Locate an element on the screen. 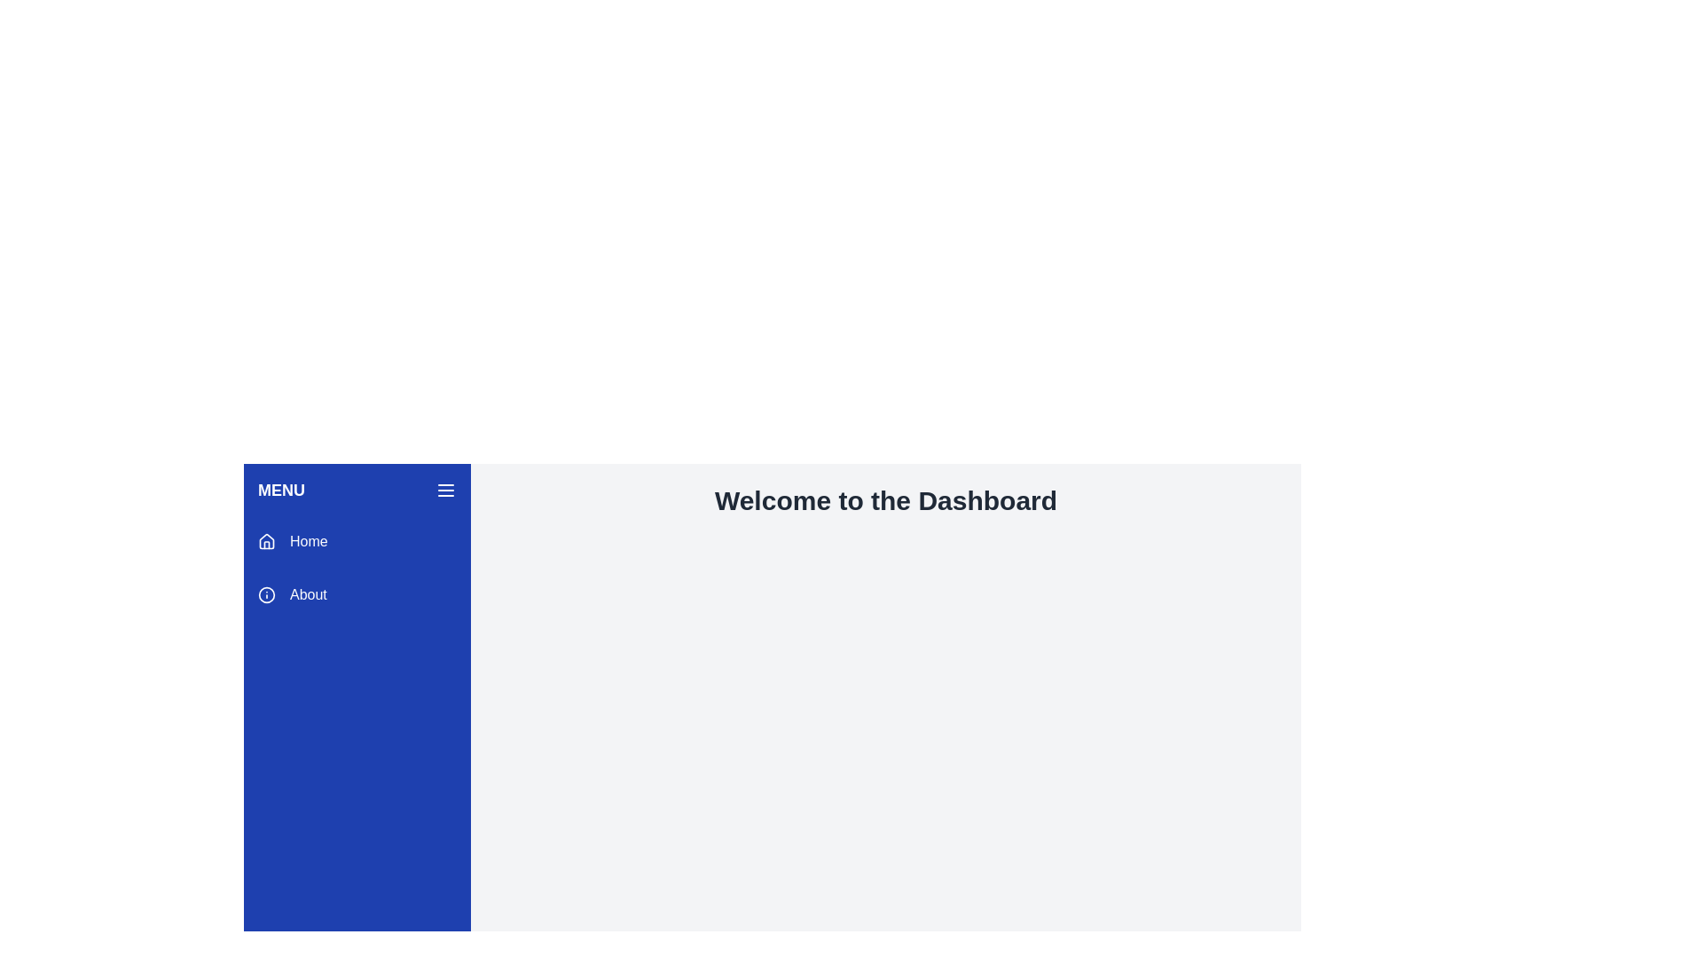  the 'Home' menu item, which is the first item in the vertical list of menu options, located at the top center of the blue sidebar beneath the title 'Menu' is located at coordinates (357, 540).